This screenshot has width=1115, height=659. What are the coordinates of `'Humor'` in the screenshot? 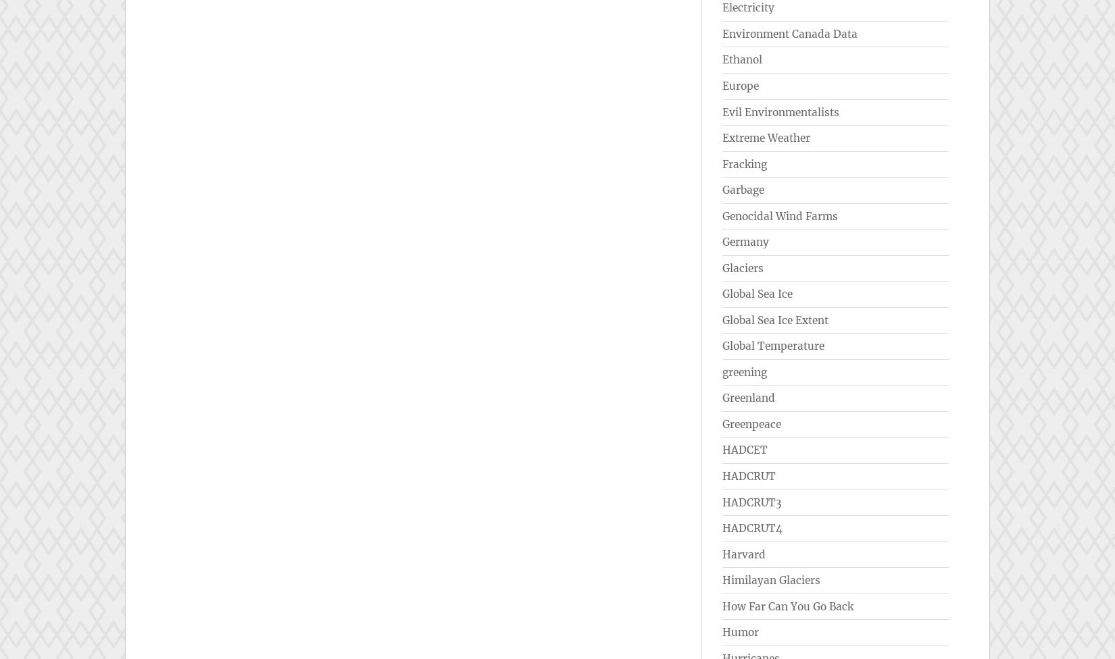 It's located at (740, 631).